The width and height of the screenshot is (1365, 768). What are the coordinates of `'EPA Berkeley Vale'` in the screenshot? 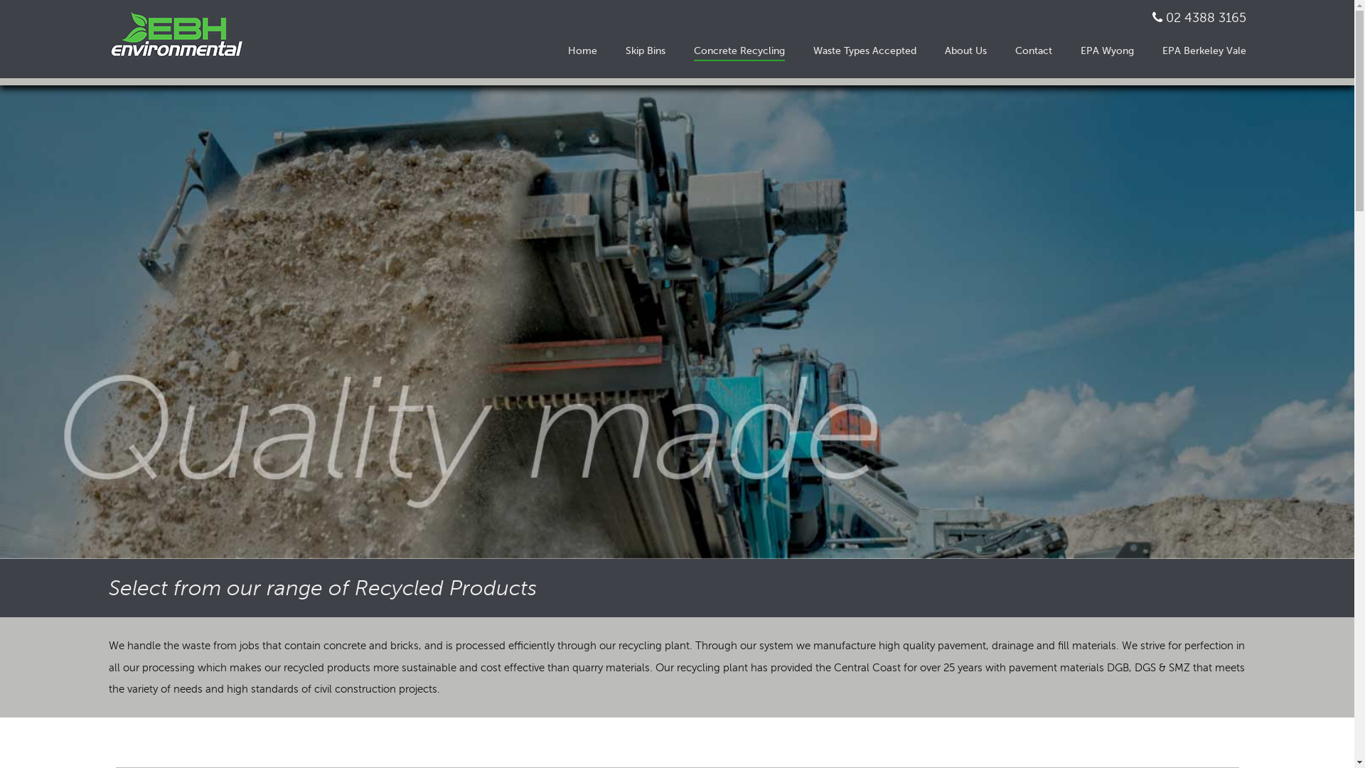 It's located at (1203, 50).